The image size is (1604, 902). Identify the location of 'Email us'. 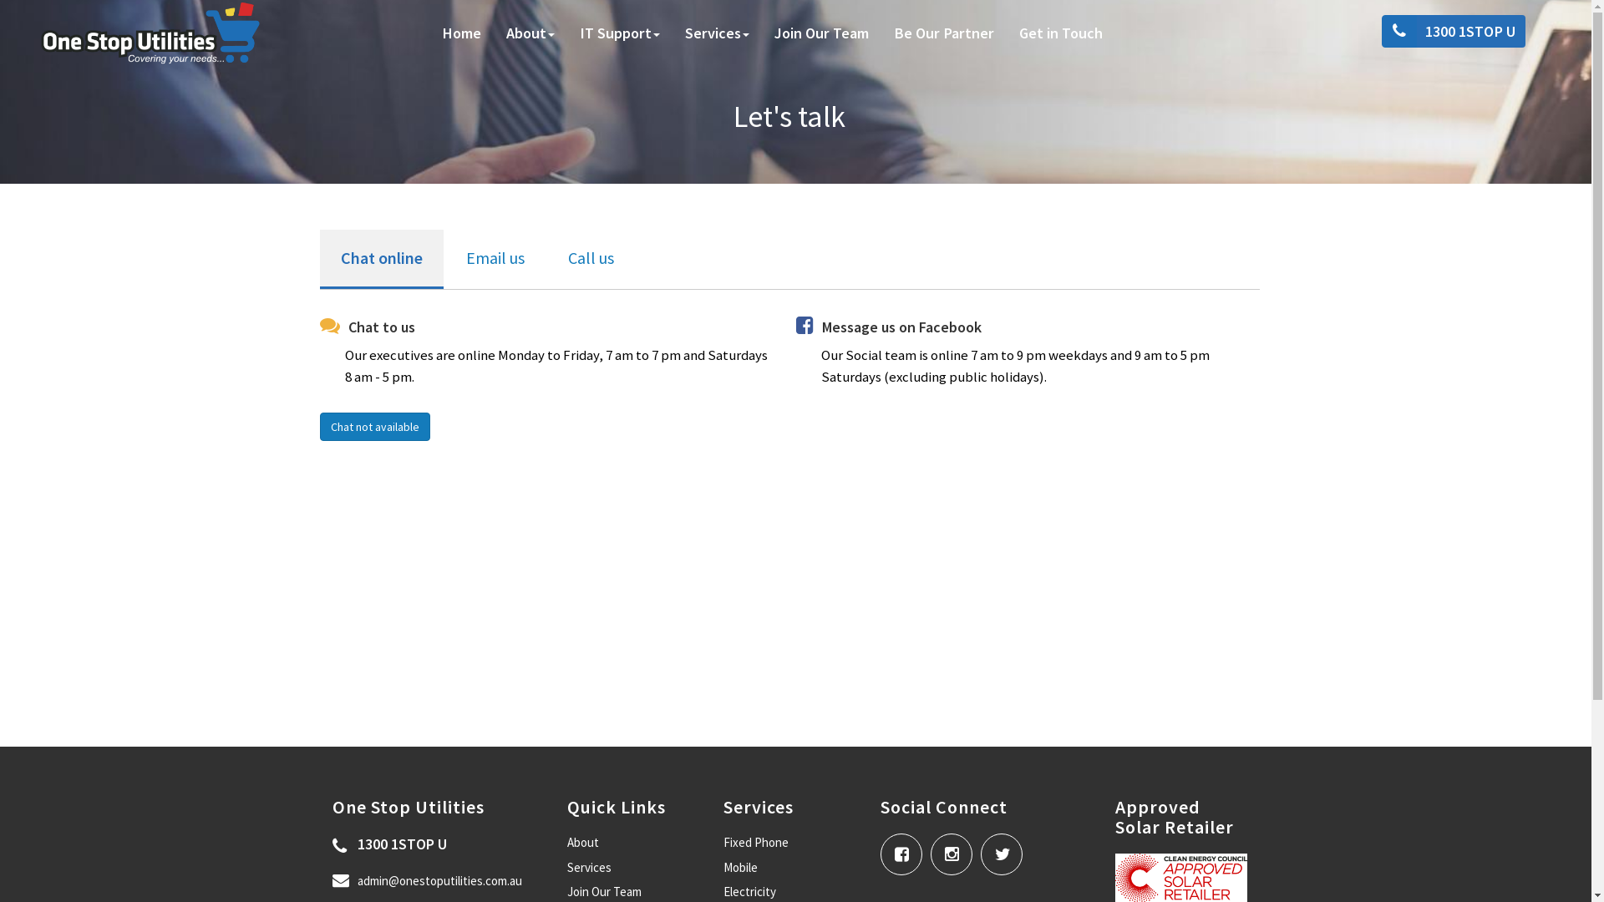
(493, 258).